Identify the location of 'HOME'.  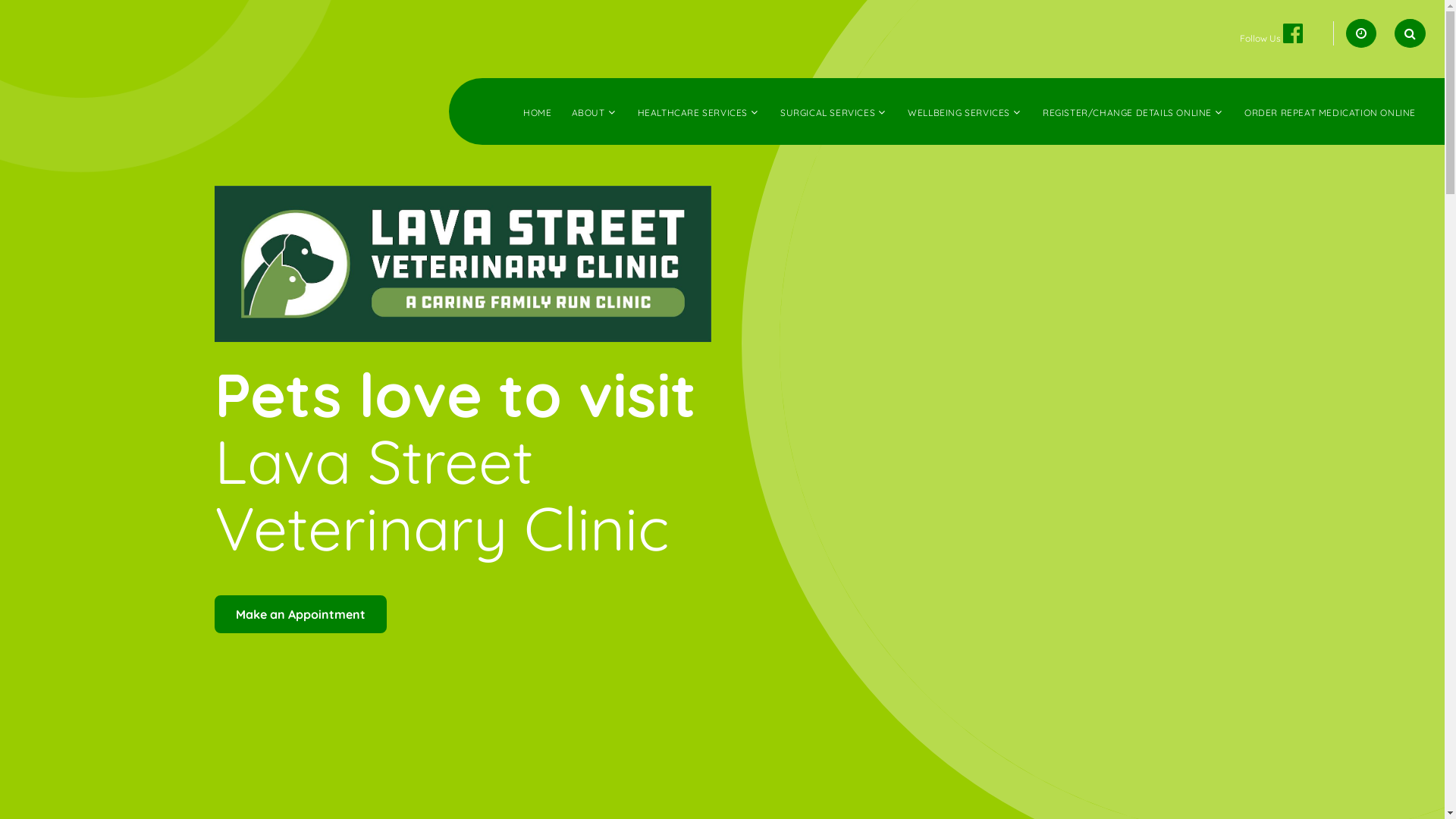
(537, 111).